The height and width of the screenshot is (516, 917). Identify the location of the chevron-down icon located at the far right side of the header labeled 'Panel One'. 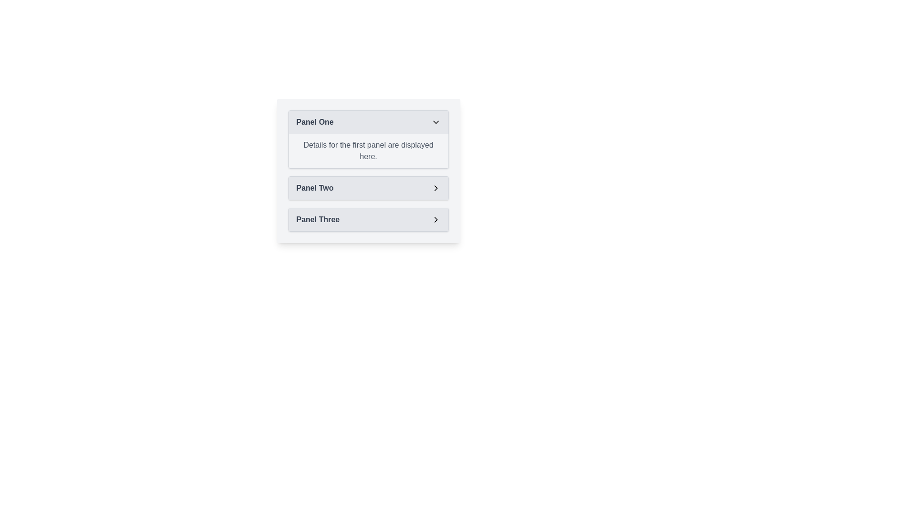
(435, 121).